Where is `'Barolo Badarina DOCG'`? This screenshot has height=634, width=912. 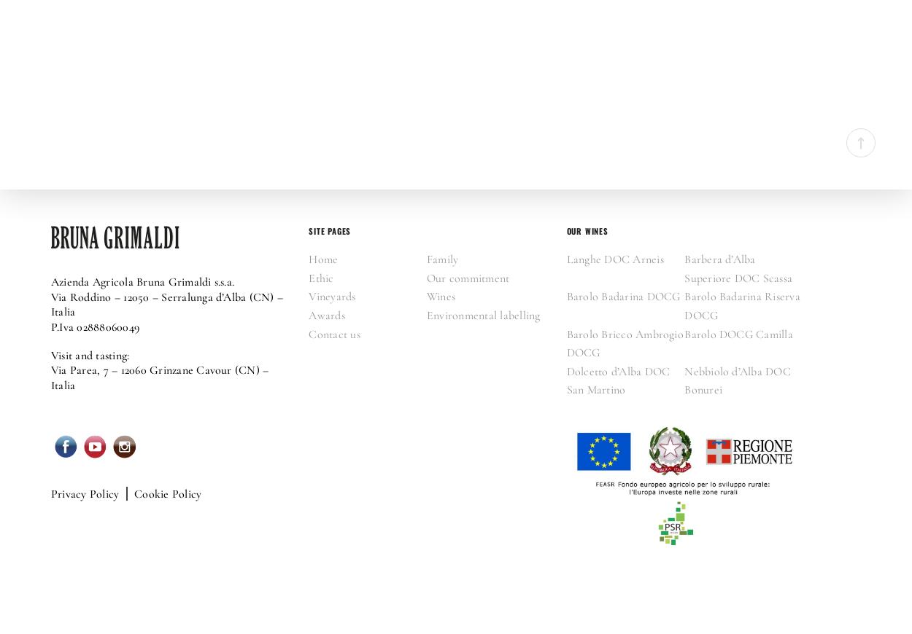 'Barolo Badarina DOCG' is located at coordinates (622, 296).